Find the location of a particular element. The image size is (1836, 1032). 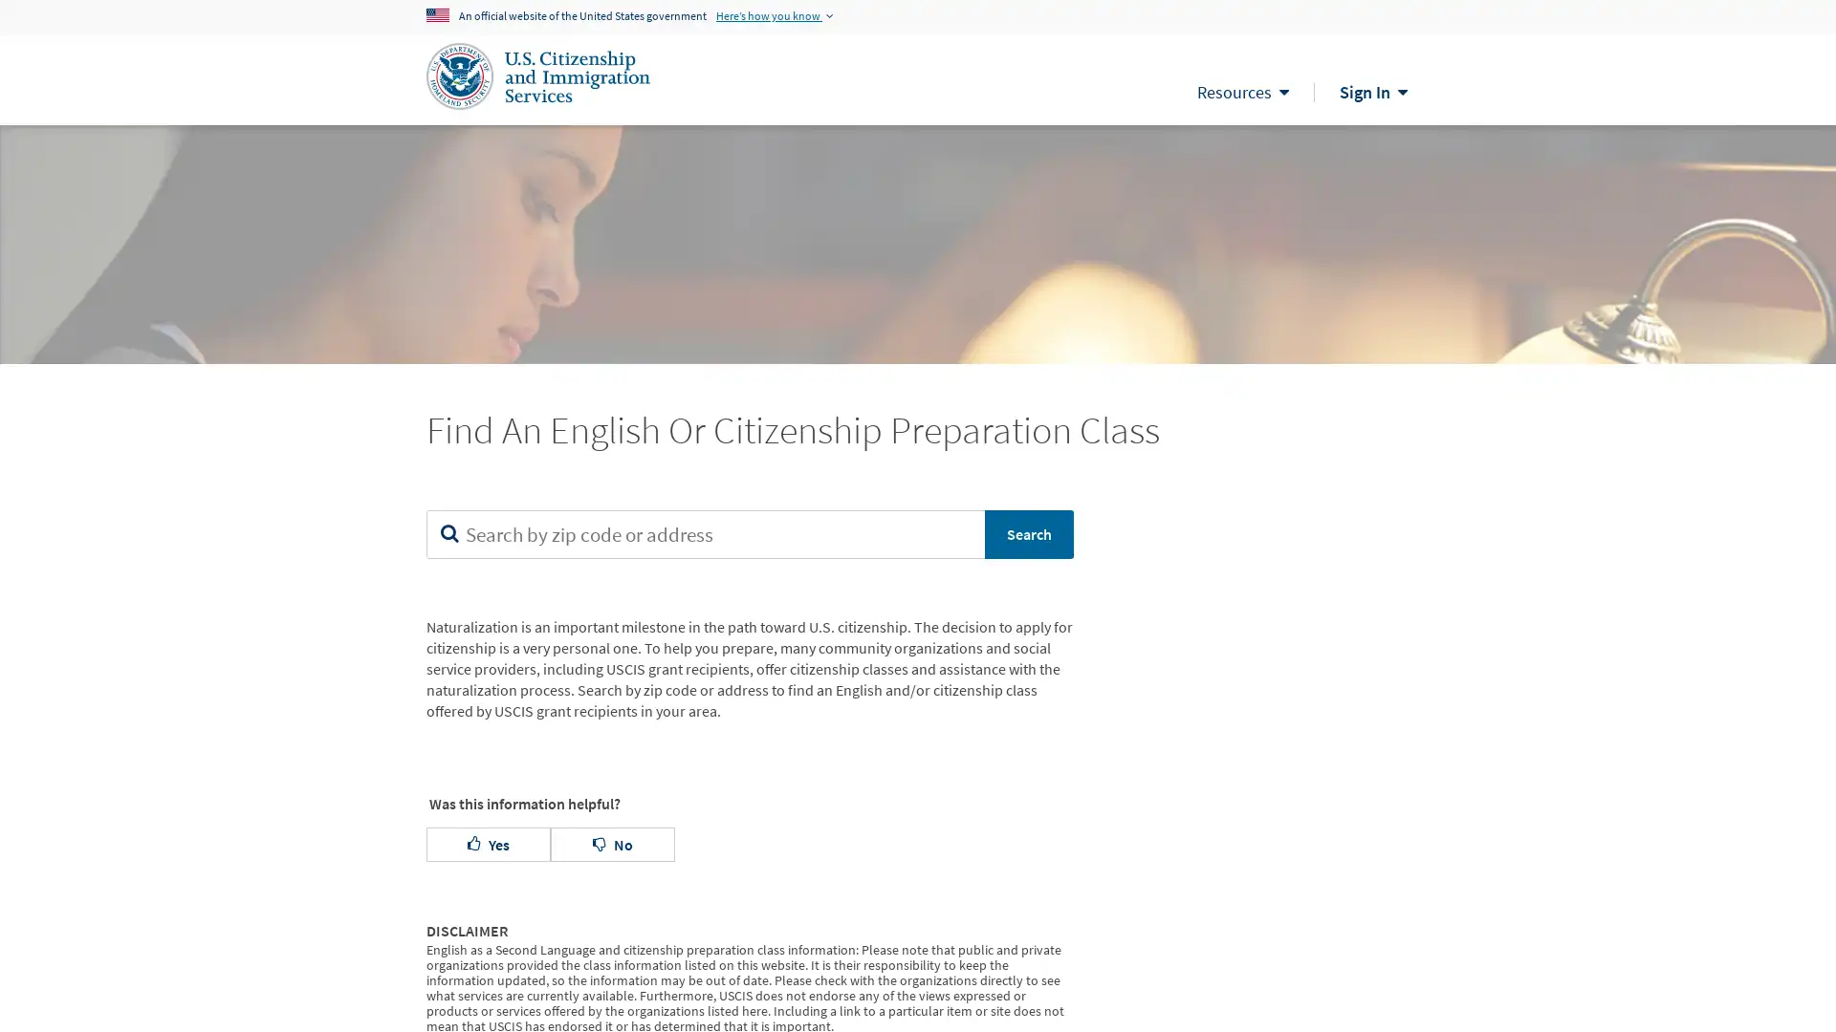

No is located at coordinates (613, 843).